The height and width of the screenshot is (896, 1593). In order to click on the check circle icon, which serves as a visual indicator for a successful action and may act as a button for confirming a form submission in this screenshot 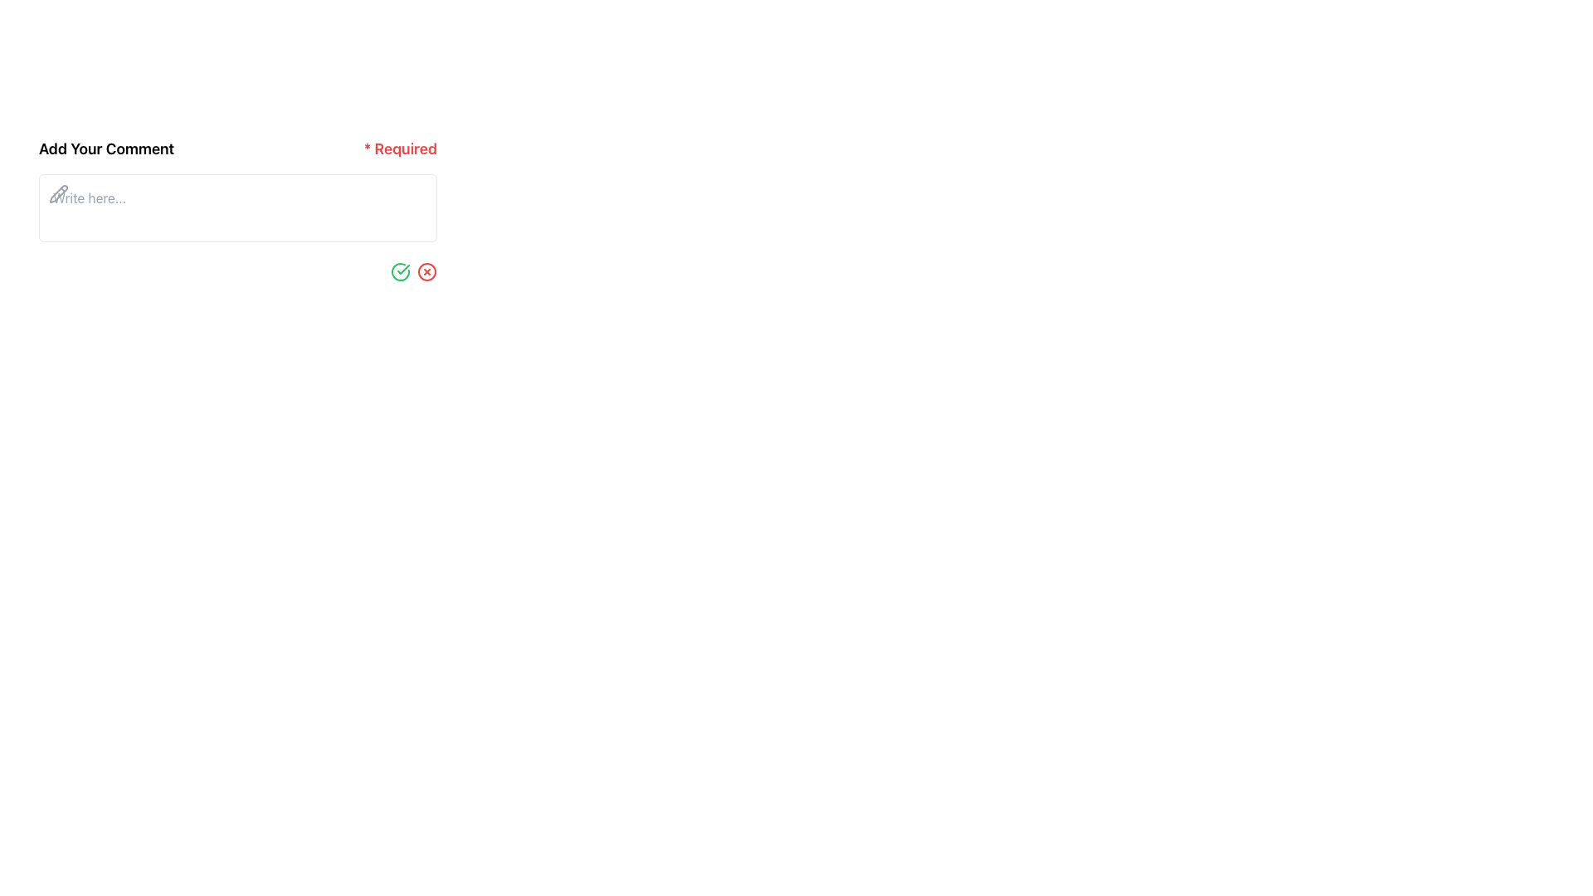, I will do `click(401, 270)`.